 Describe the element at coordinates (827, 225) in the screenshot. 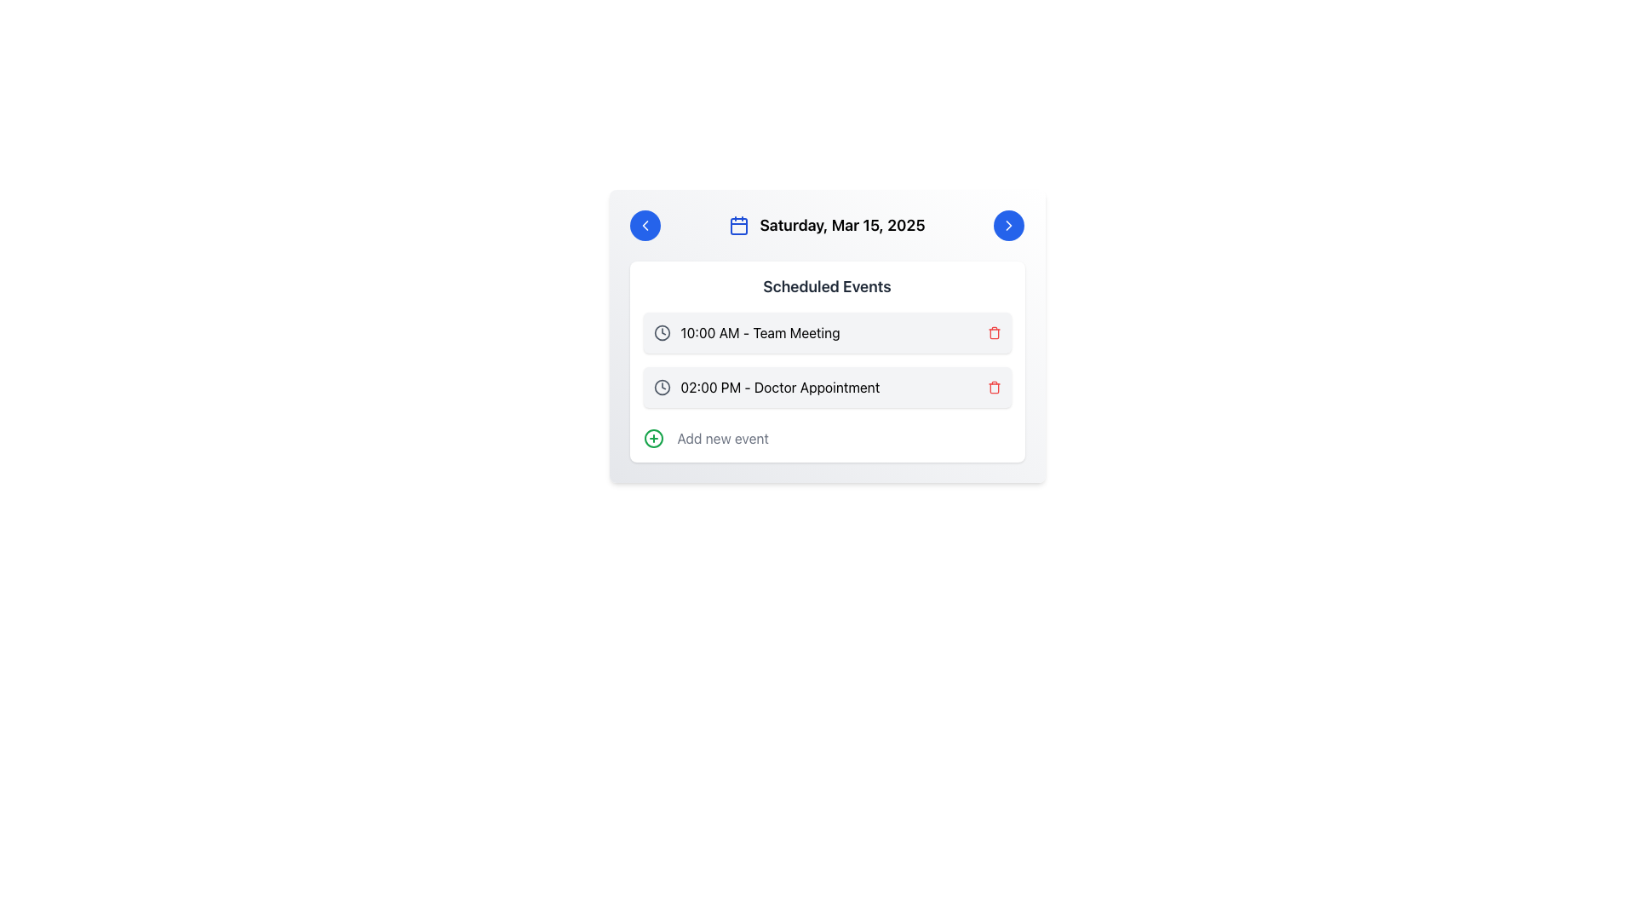

I see `the calendar label displaying 'Saturday, Mar 15, 2025'` at that location.